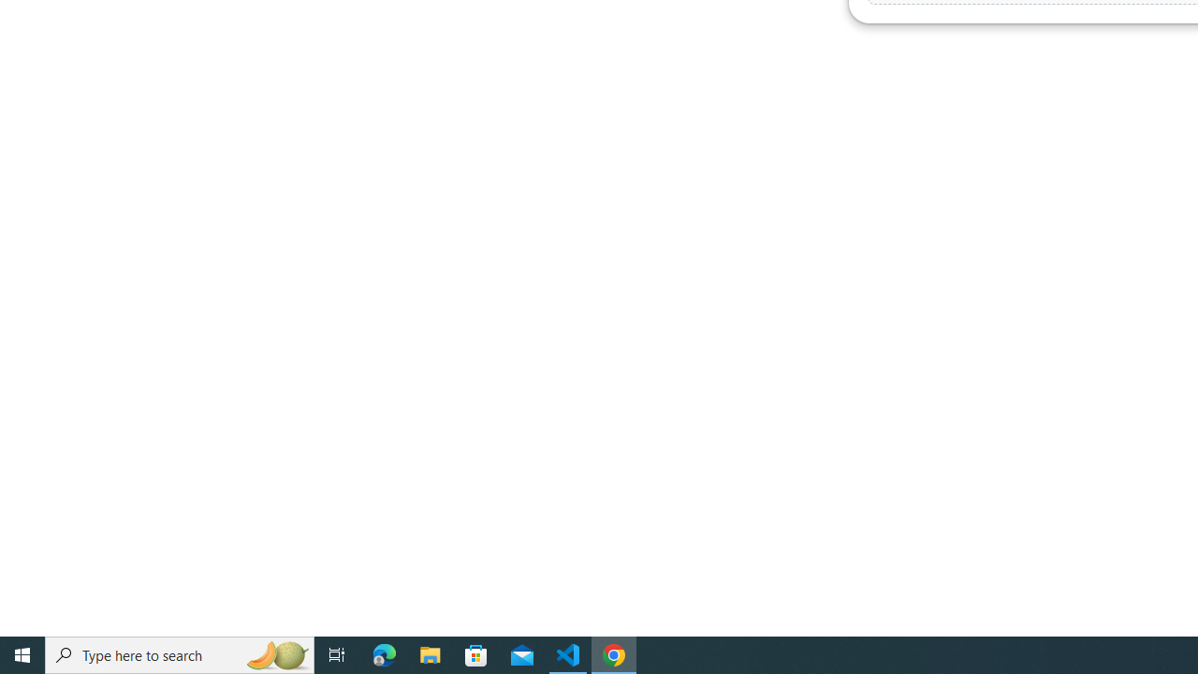  Describe the element at coordinates (384, 653) in the screenshot. I see `'Microsoft Edge'` at that location.